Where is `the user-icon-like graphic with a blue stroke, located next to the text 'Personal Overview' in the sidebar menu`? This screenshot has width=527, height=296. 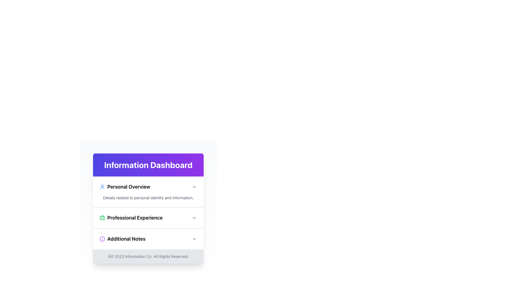 the user-icon-like graphic with a blue stroke, located next to the text 'Personal Overview' in the sidebar menu is located at coordinates (102, 187).